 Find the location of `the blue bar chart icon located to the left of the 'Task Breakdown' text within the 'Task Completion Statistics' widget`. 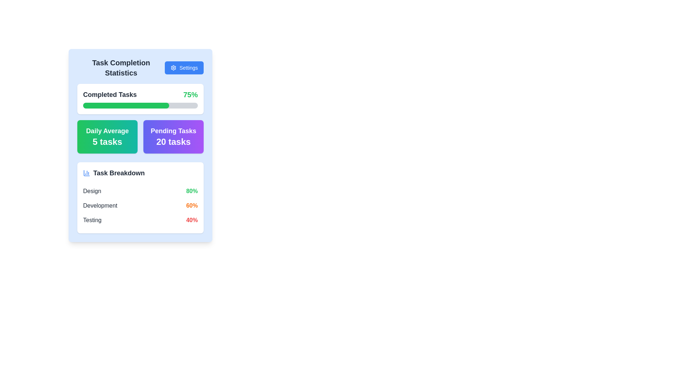

the blue bar chart icon located to the left of the 'Task Breakdown' text within the 'Task Completion Statistics' widget is located at coordinates (87, 173).